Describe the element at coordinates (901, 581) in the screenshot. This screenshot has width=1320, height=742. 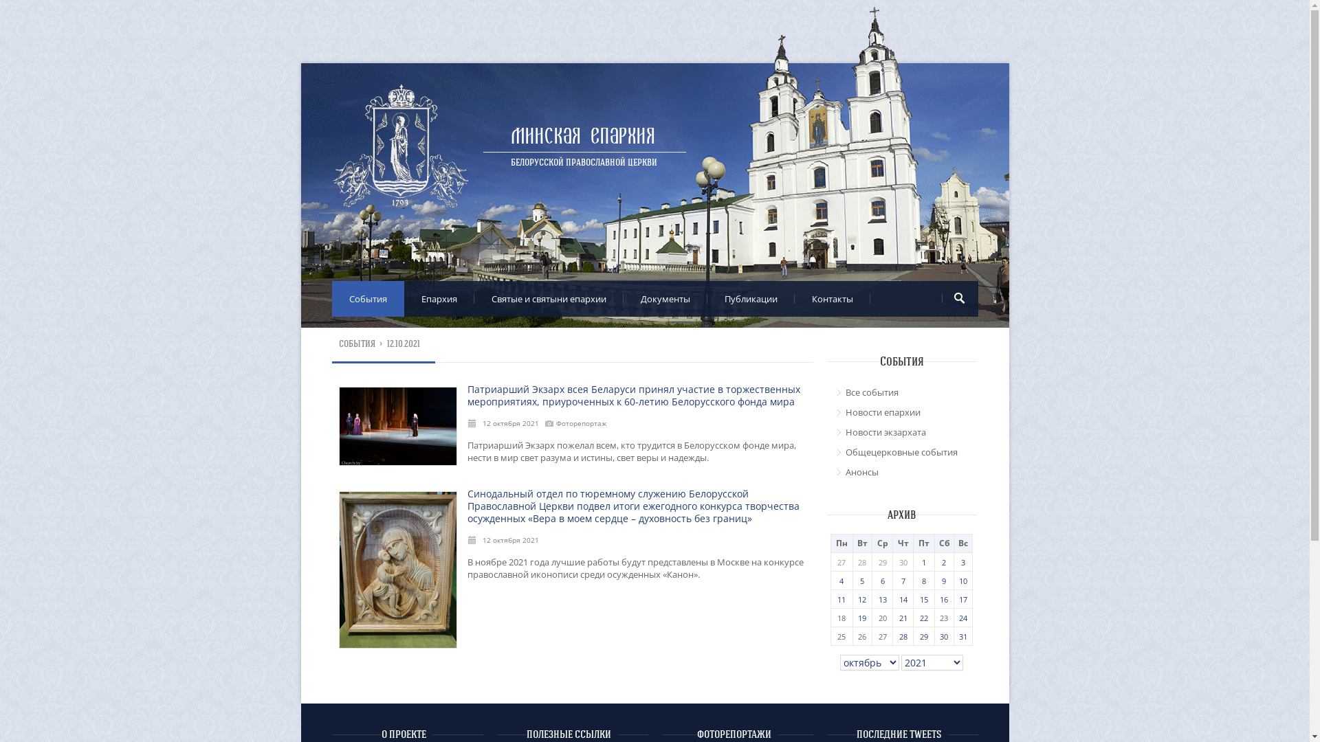
I see `'7'` at that location.